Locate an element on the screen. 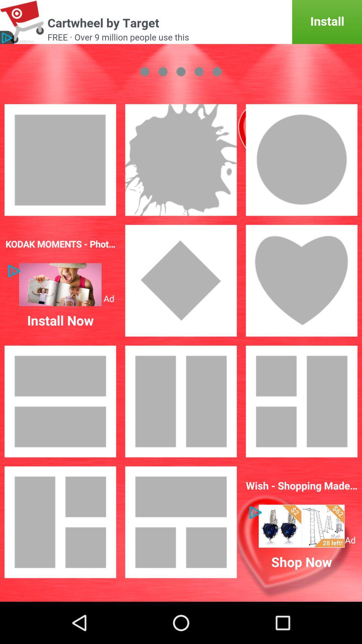 The image size is (362, 644). the third image under green color button is located at coordinates (301, 159).